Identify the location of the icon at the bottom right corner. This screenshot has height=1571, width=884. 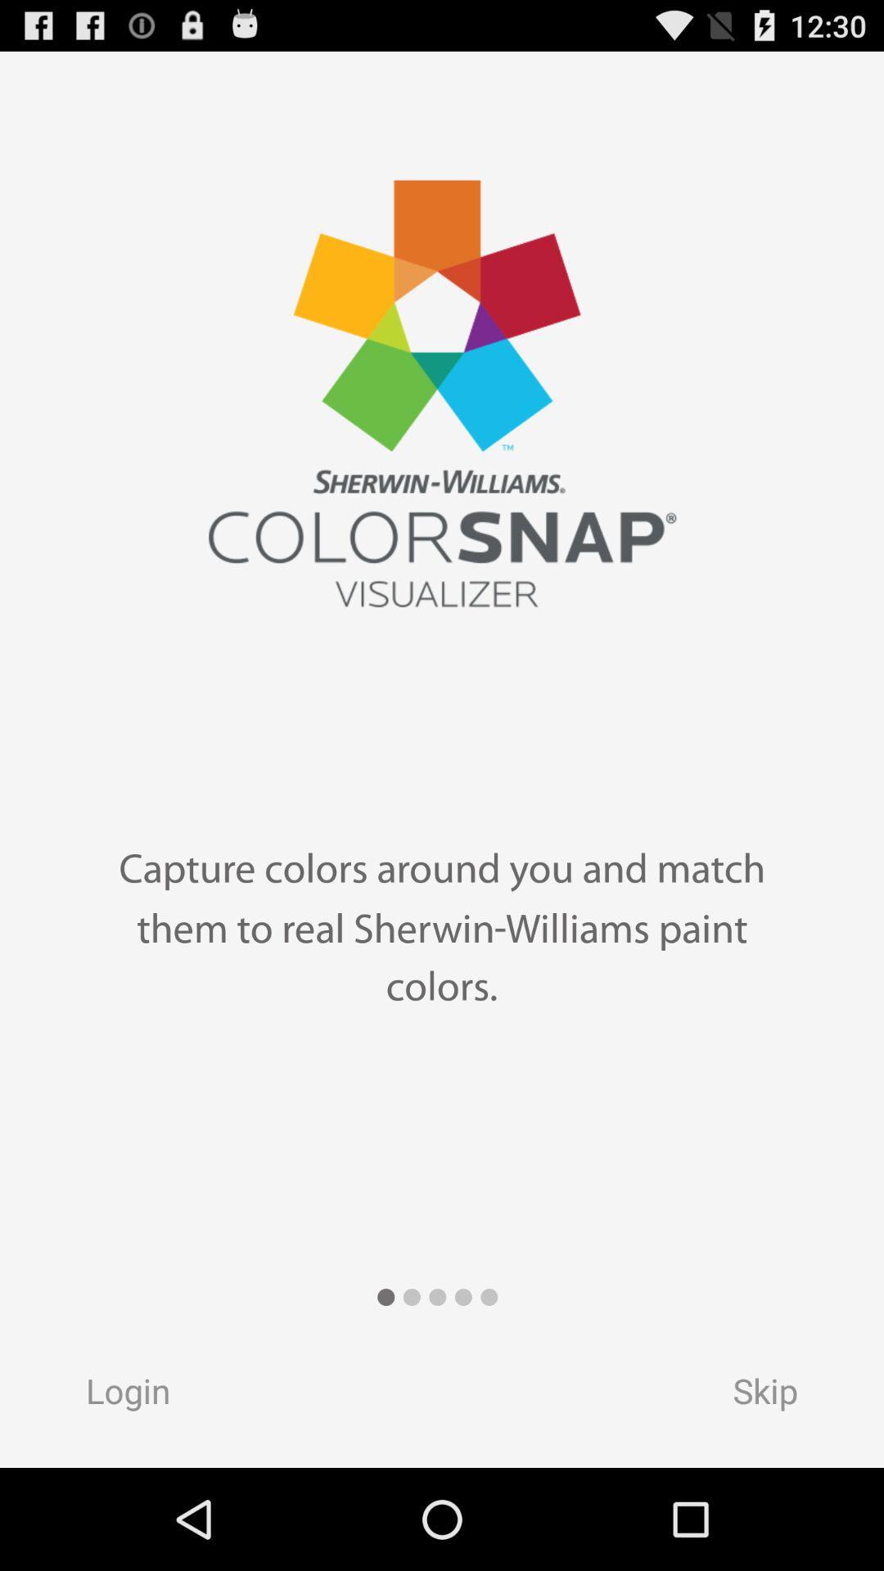
(780, 1395).